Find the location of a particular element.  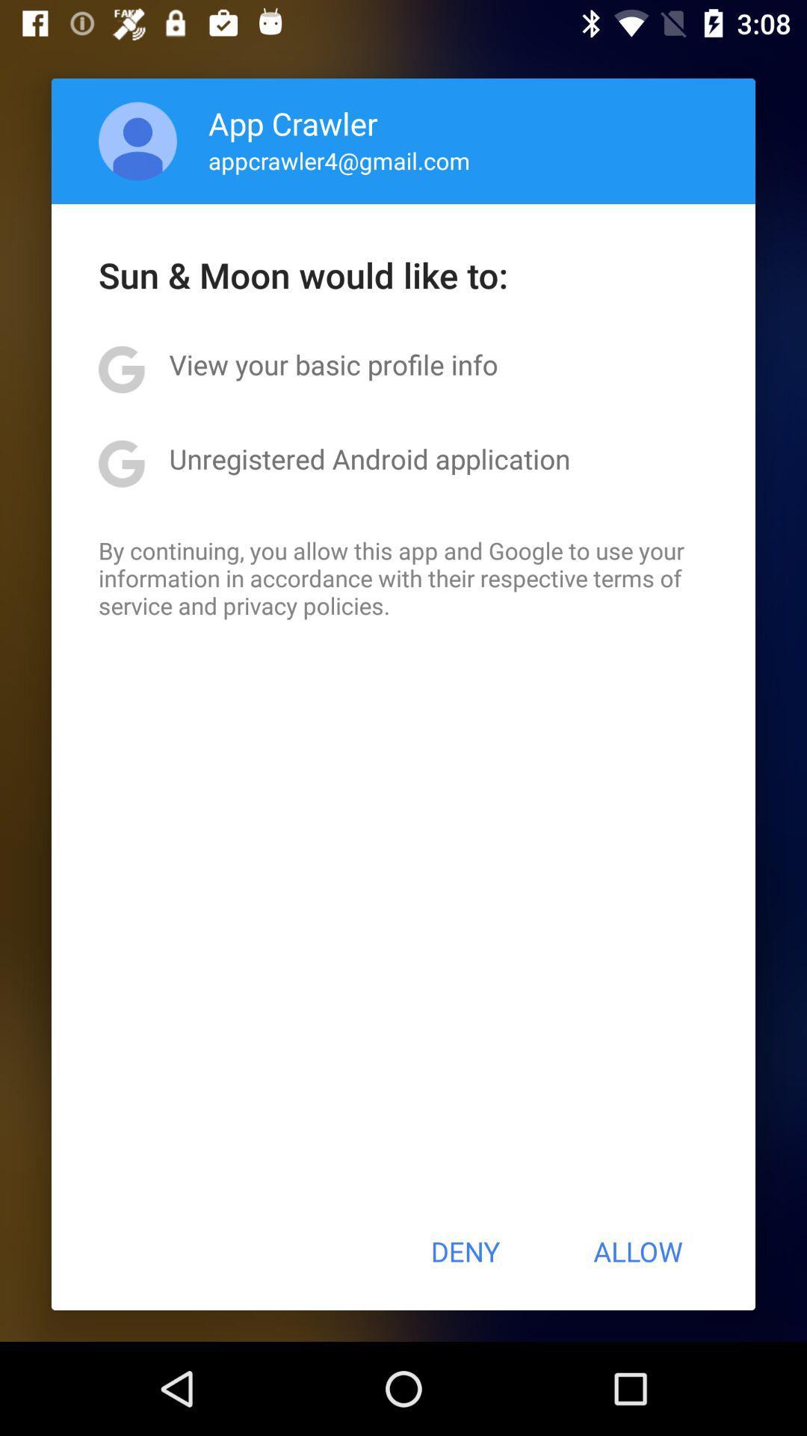

the icon above unregistered android application item is located at coordinates (333, 364).